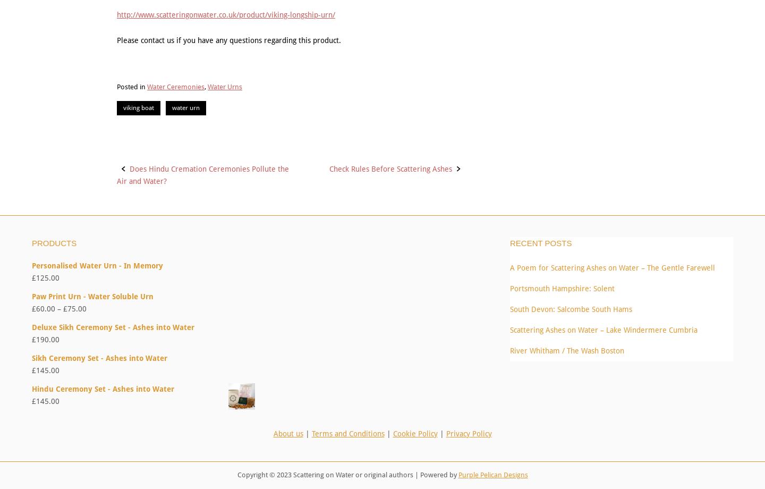 This screenshot has width=765, height=489. Describe the element at coordinates (562, 288) in the screenshot. I see `'Portsmouth Hampshire: Solent'` at that location.